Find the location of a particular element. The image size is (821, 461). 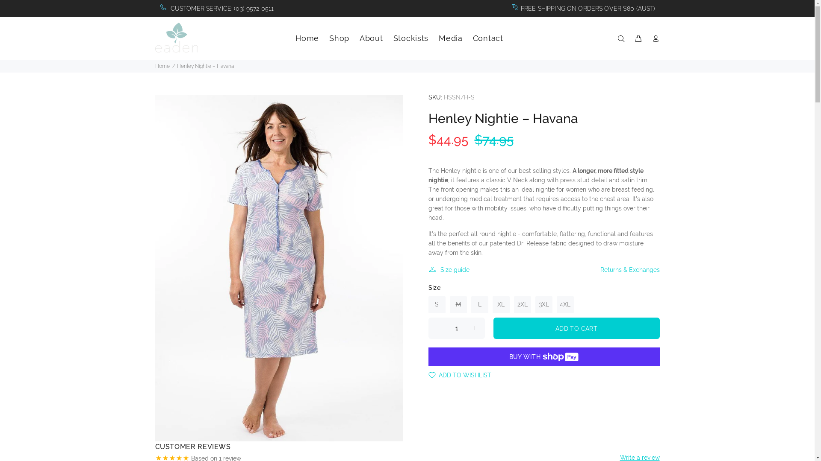

'XL' is located at coordinates (501, 304).